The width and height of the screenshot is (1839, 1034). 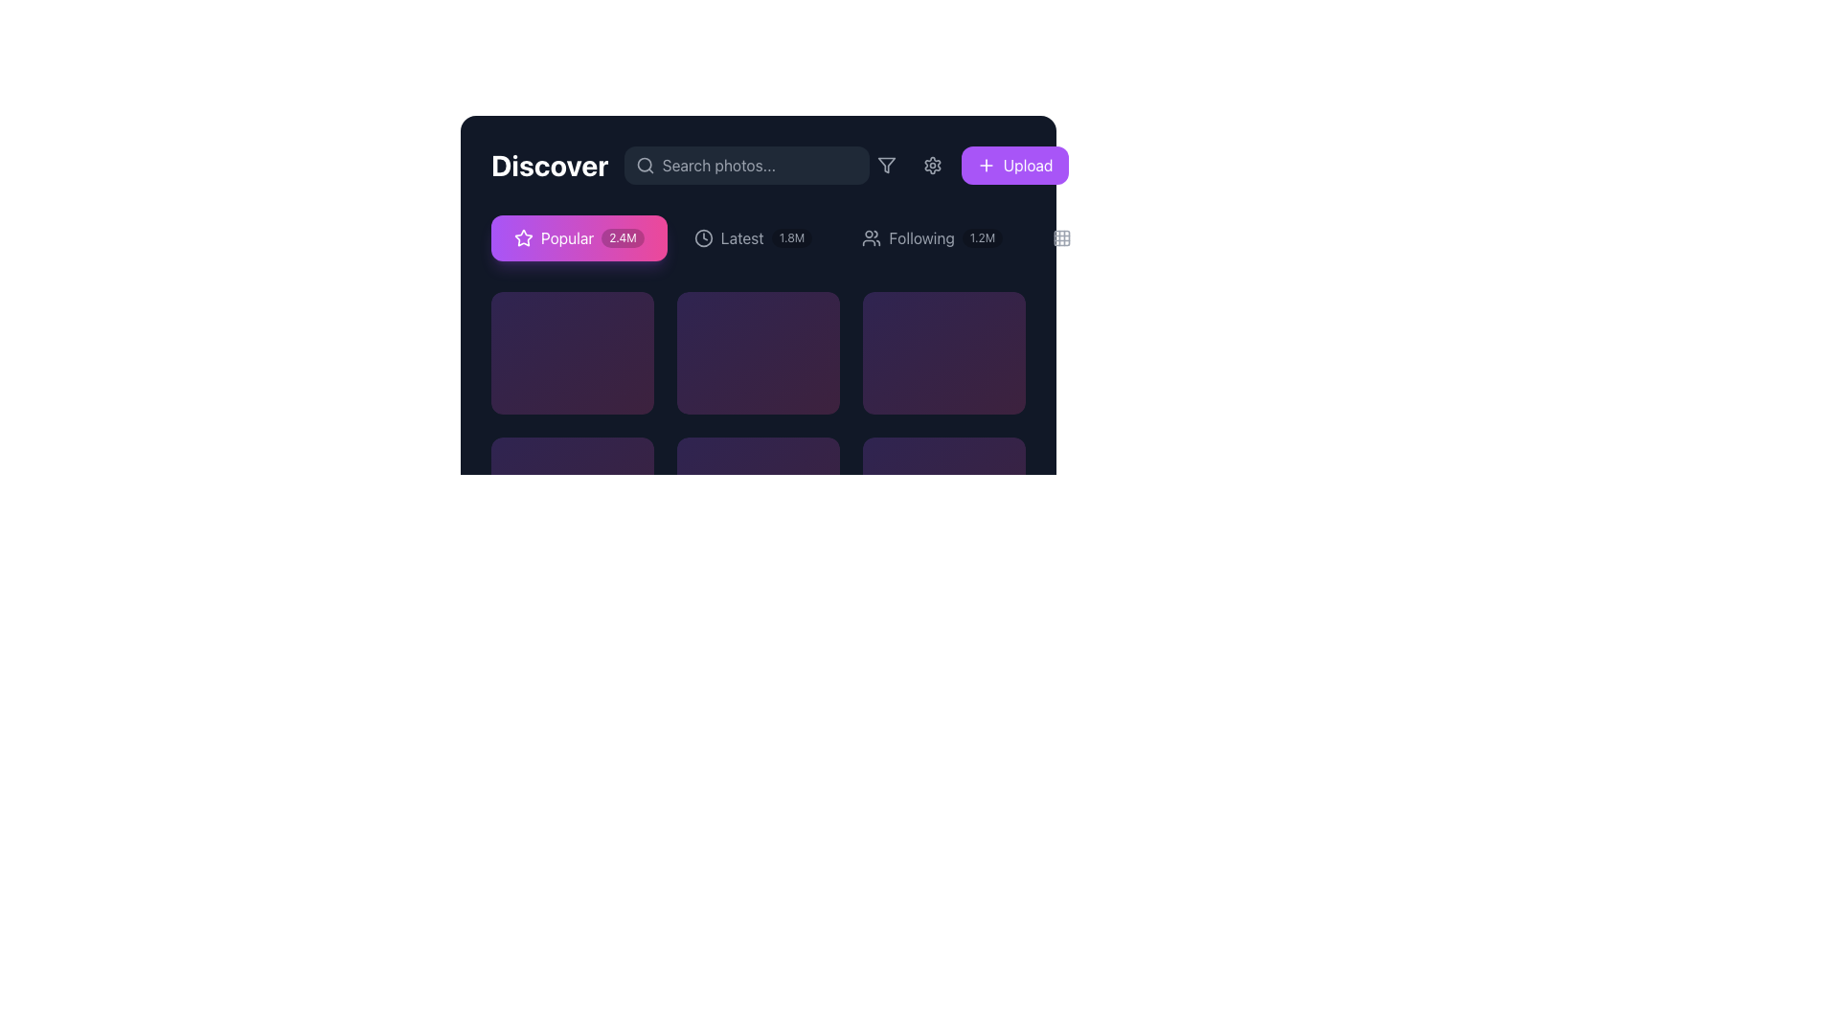 I want to click on the 'Following' button located in the top bar, specifically the third button from the left, so click(x=932, y=237).